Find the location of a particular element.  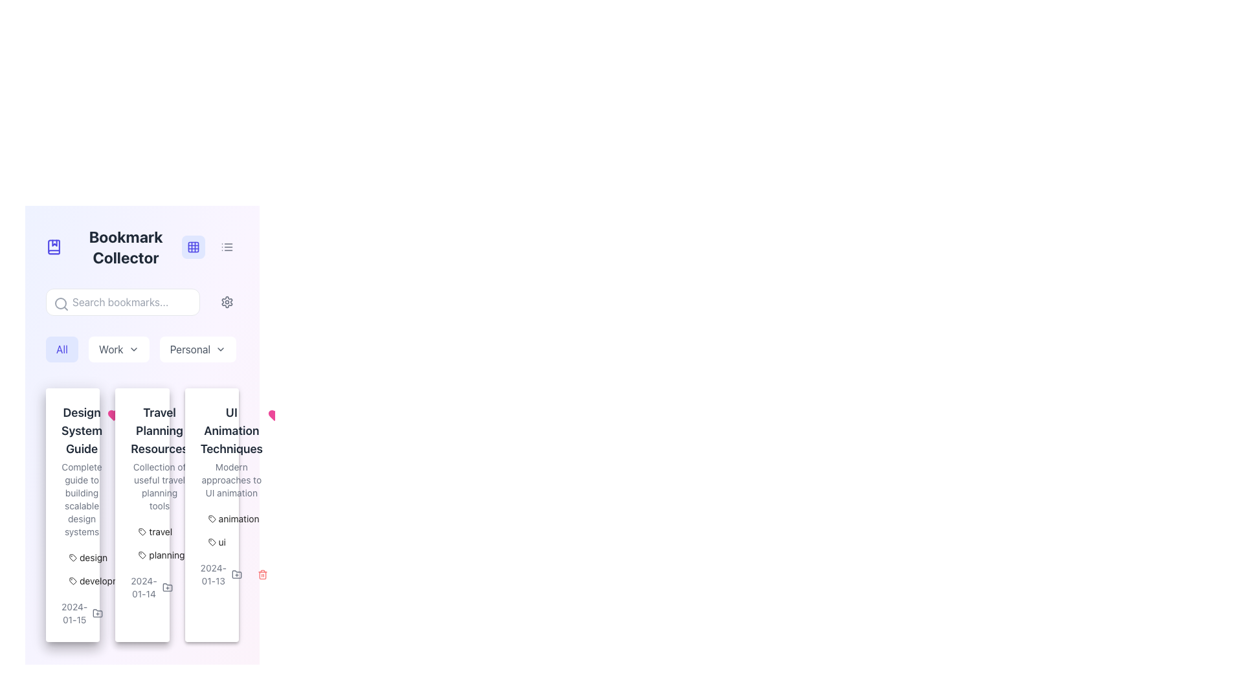

the action button located in the bottom-right section of the 'UI Animation Techniques' card is located at coordinates (236, 573).